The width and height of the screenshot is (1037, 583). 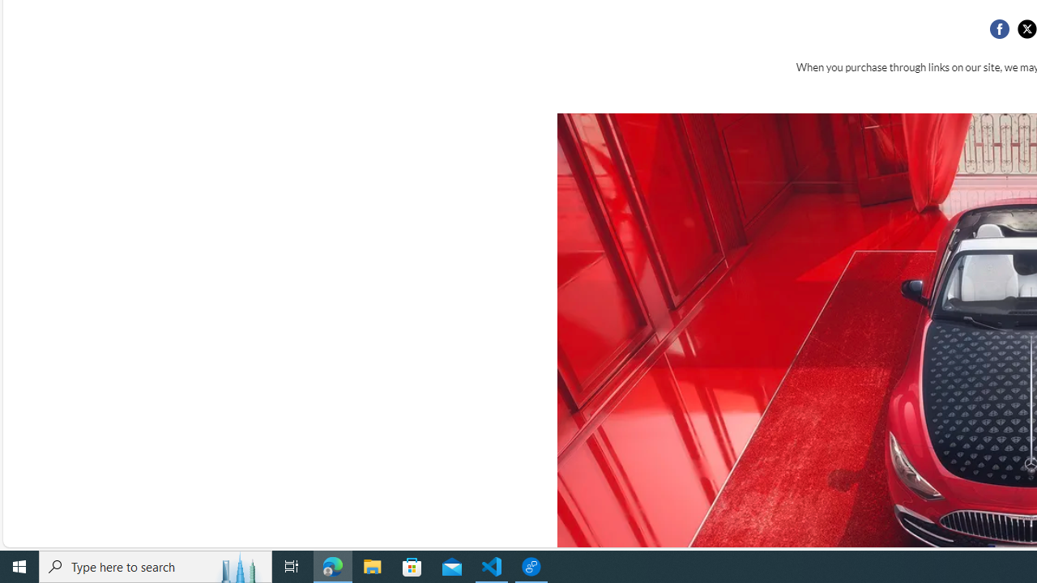 What do you see at coordinates (1026, 29) in the screenshot?
I see `'Share this page on Twitter'` at bounding box center [1026, 29].